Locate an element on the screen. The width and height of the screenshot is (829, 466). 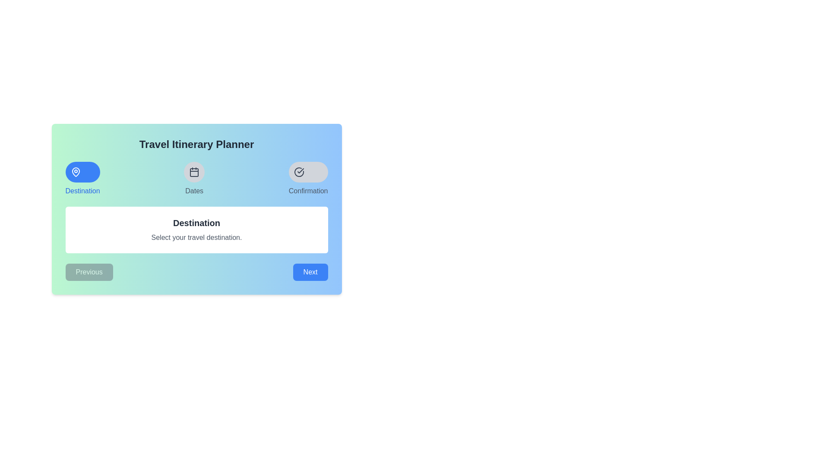
the circular blue button labeled 'Destination' located at the top left of the interface is located at coordinates (76, 172).